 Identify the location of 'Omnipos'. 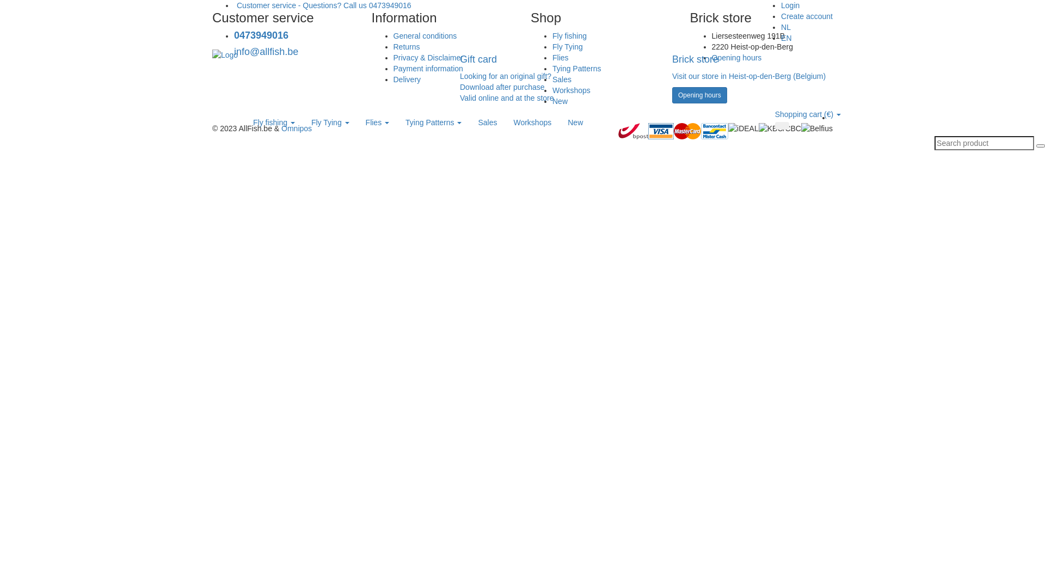
(297, 127).